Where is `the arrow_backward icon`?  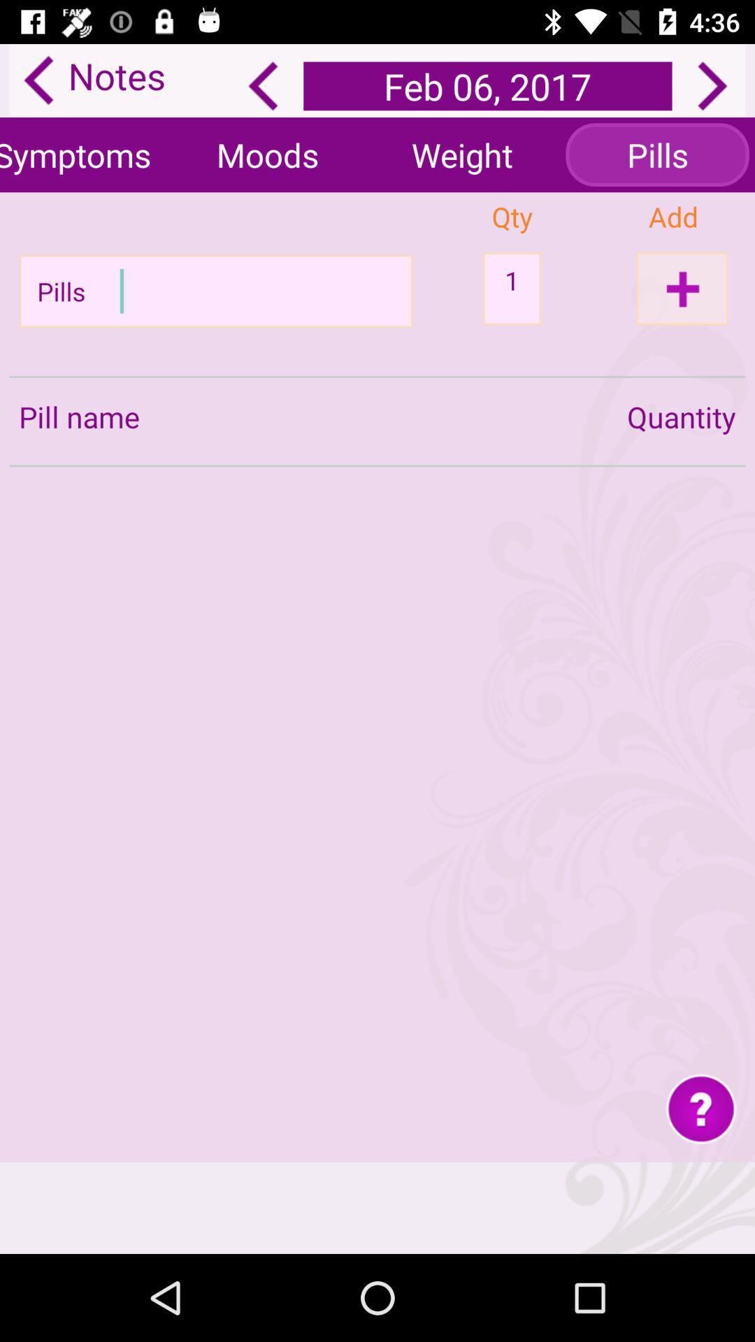 the arrow_backward icon is located at coordinates (263, 85).